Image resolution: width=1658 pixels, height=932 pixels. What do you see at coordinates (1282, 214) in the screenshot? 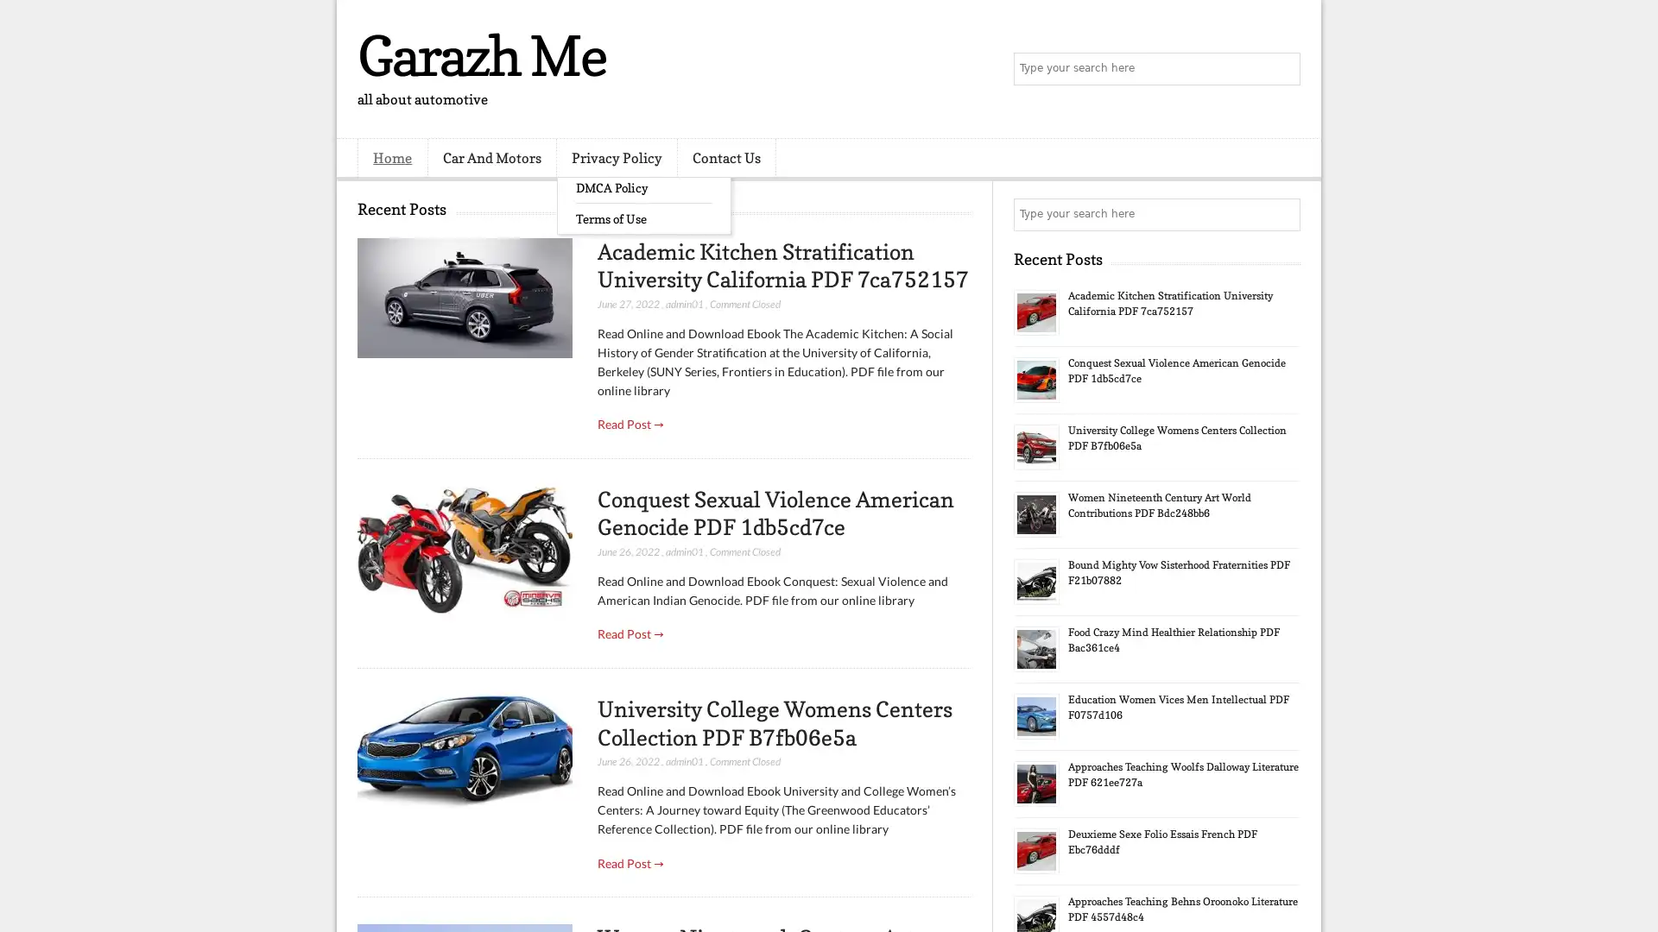
I see `Search` at bounding box center [1282, 214].